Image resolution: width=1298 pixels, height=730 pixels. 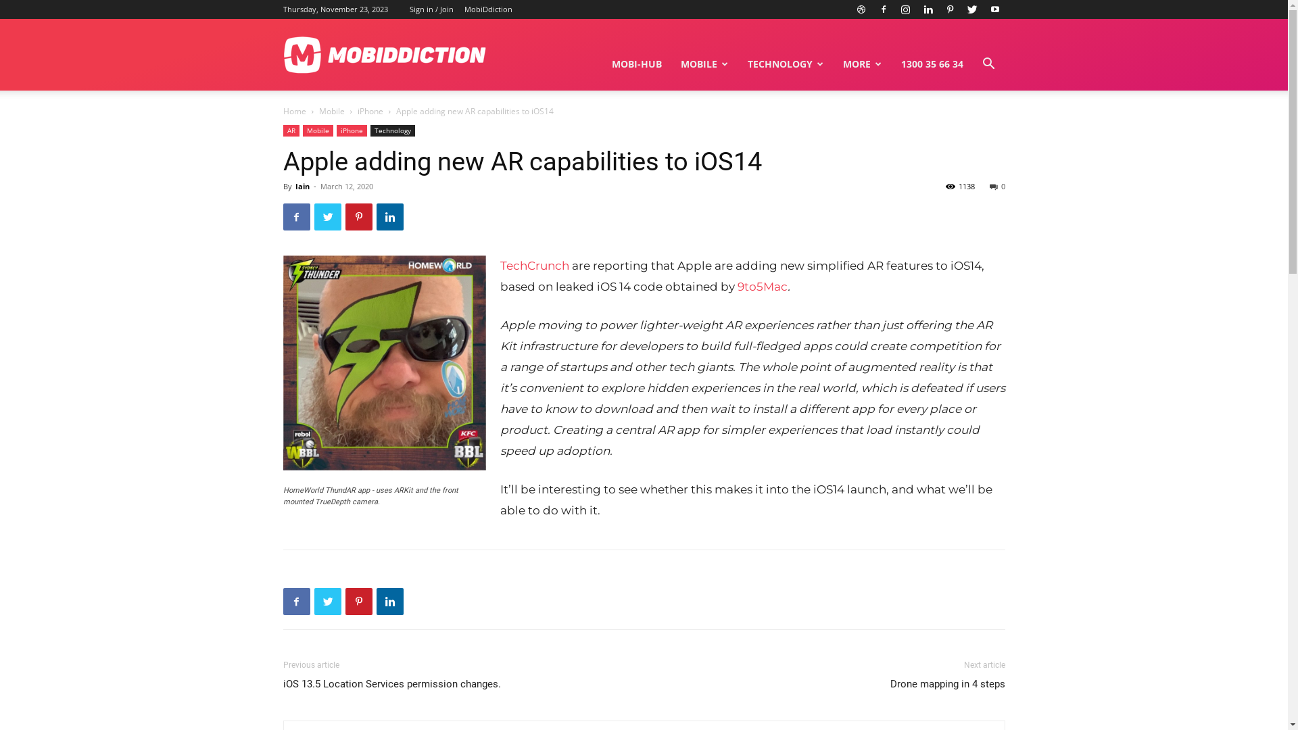 I want to click on 'Pinterest', so click(x=949, y=9).